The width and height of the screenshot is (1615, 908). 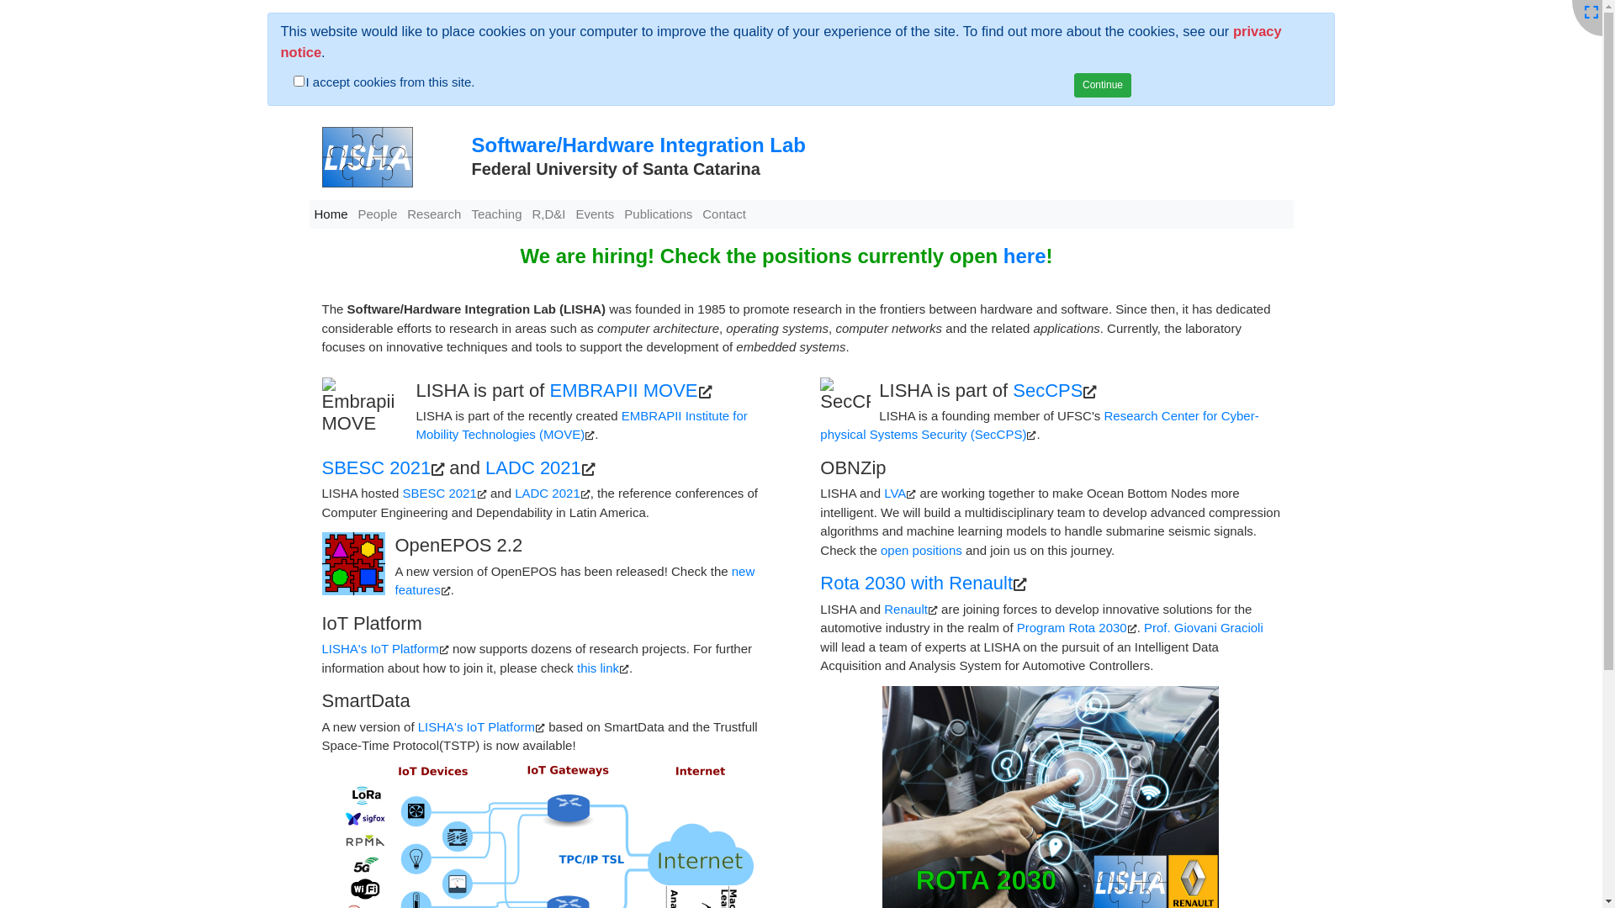 I want to click on 'R,D&I', so click(x=548, y=214).